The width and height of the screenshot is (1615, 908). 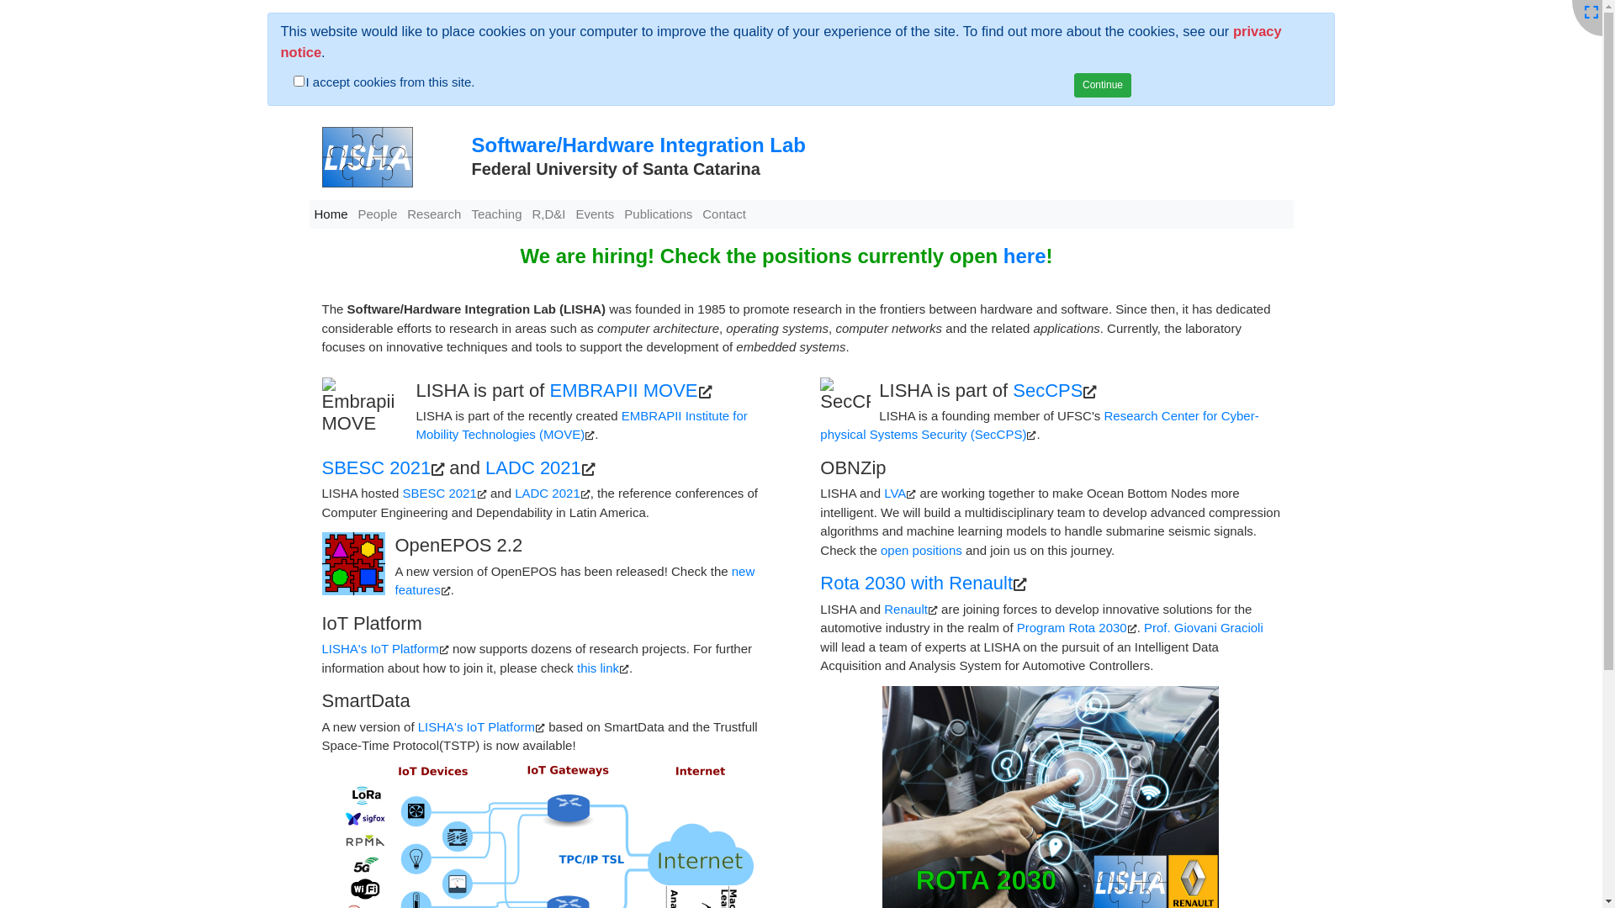 I want to click on 'R,D&I', so click(x=548, y=214).